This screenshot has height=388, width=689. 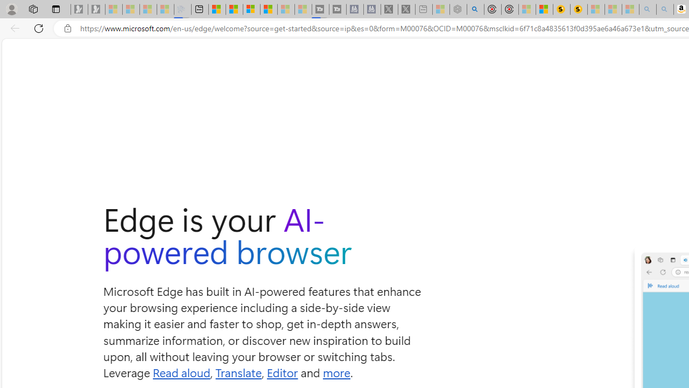 I want to click on 'Nordace - Summer Adventures 2024 - Sleeping', so click(x=458, y=9).